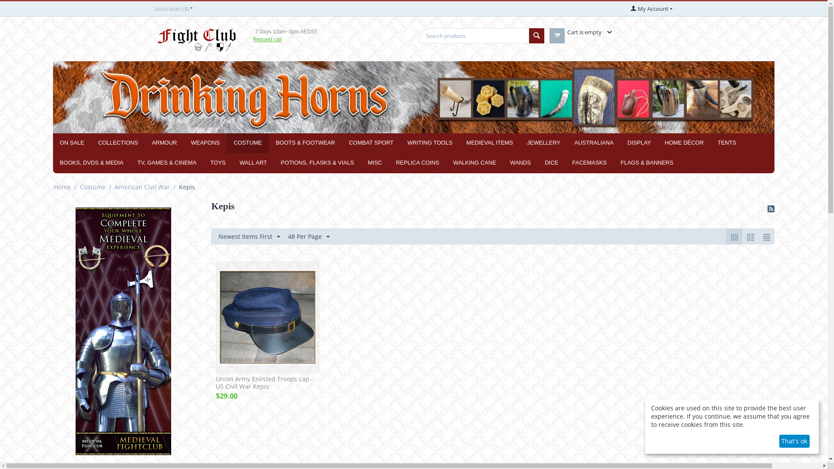 The image size is (834, 469). I want to click on 'MISC', so click(375, 163).